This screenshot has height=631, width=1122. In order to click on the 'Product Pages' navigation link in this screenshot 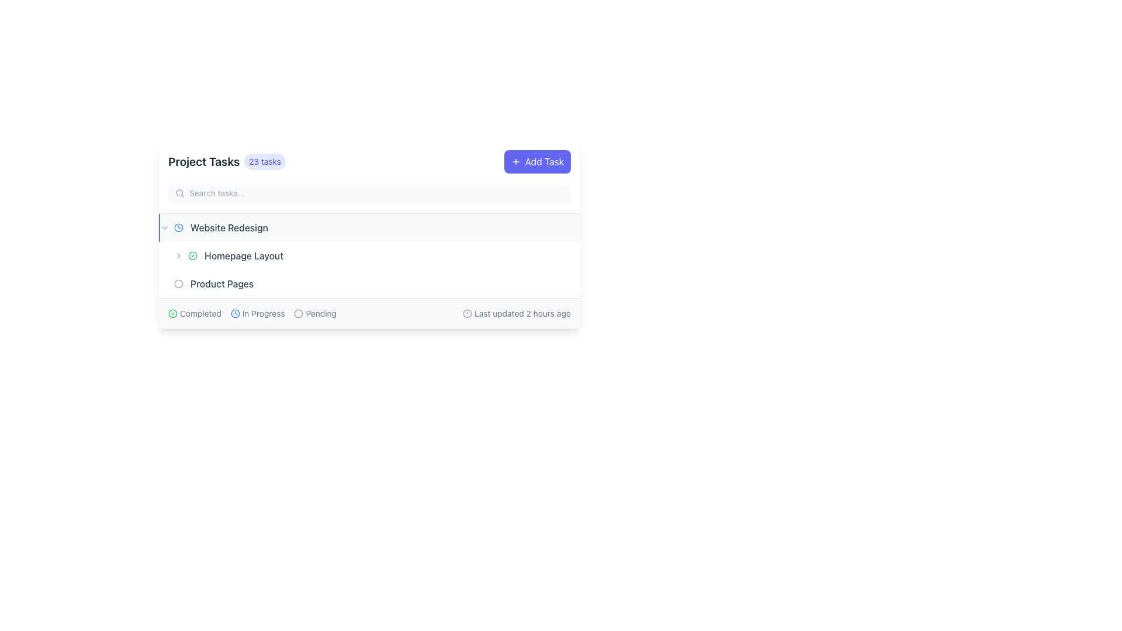, I will do `click(287, 284)`.